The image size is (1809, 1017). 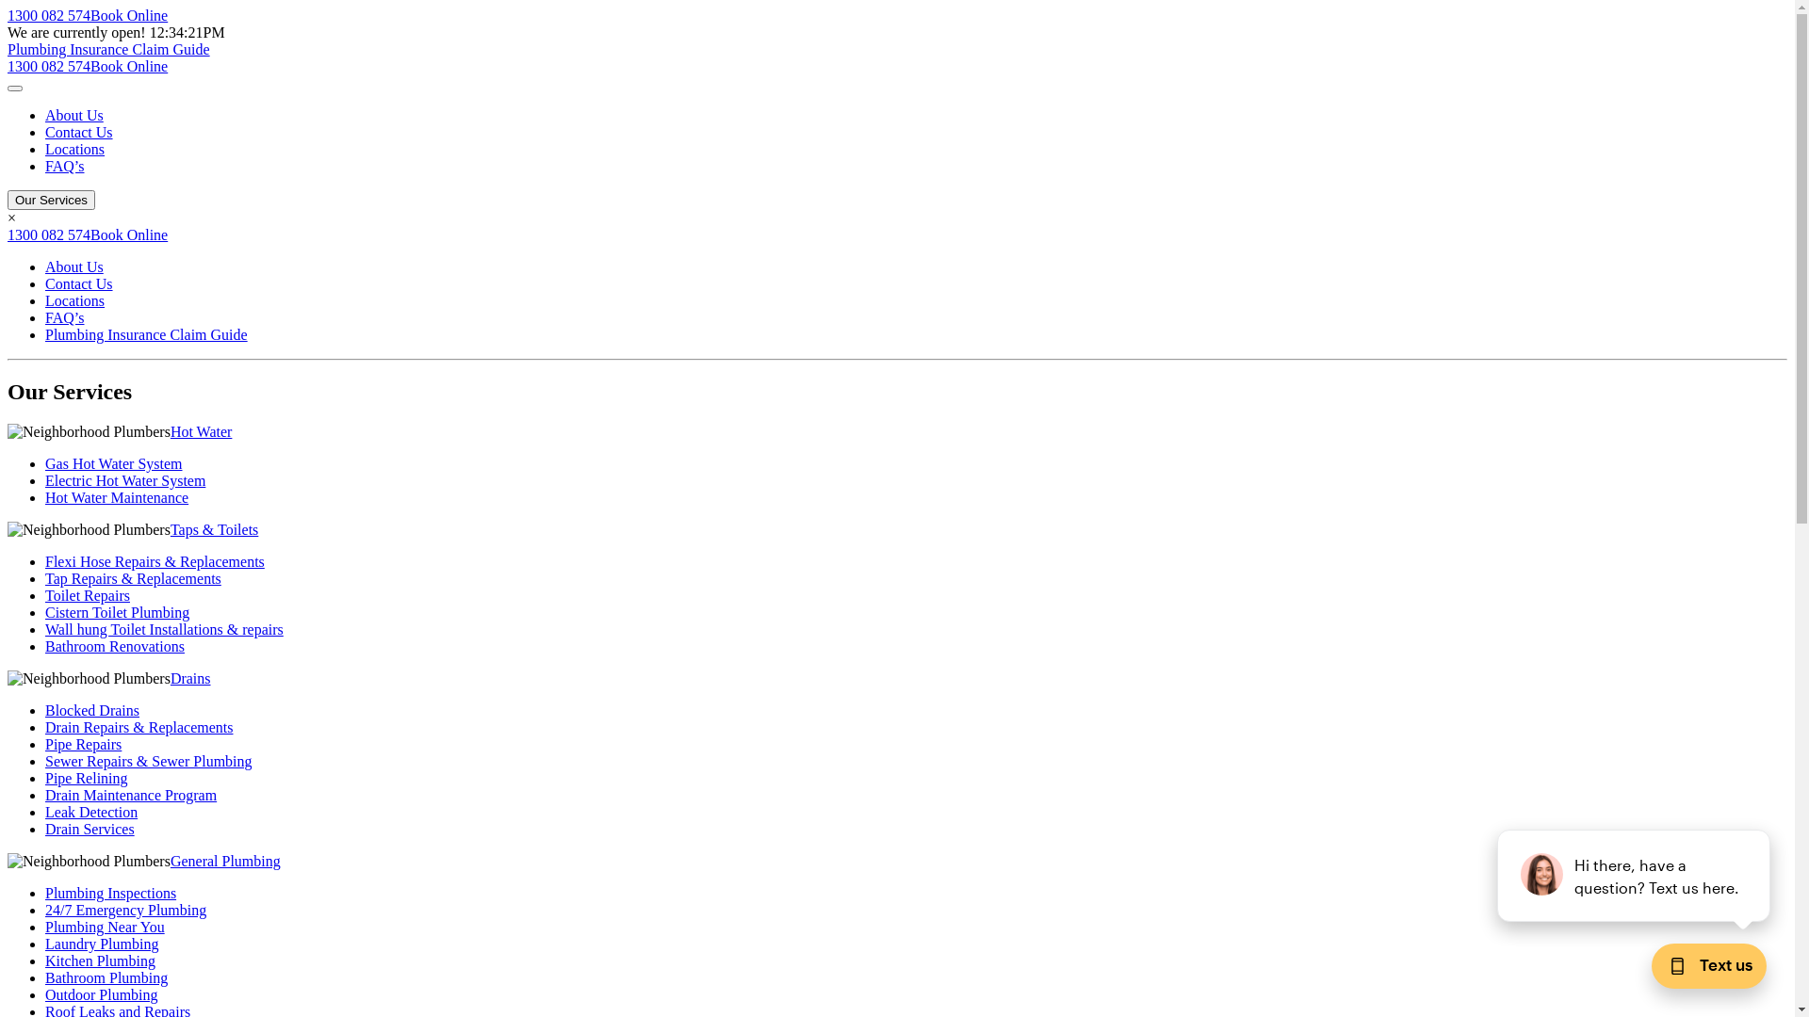 What do you see at coordinates (90, 811) in the screenshot?
I see `'Leak Detection'` at bounding box center [90, 811].